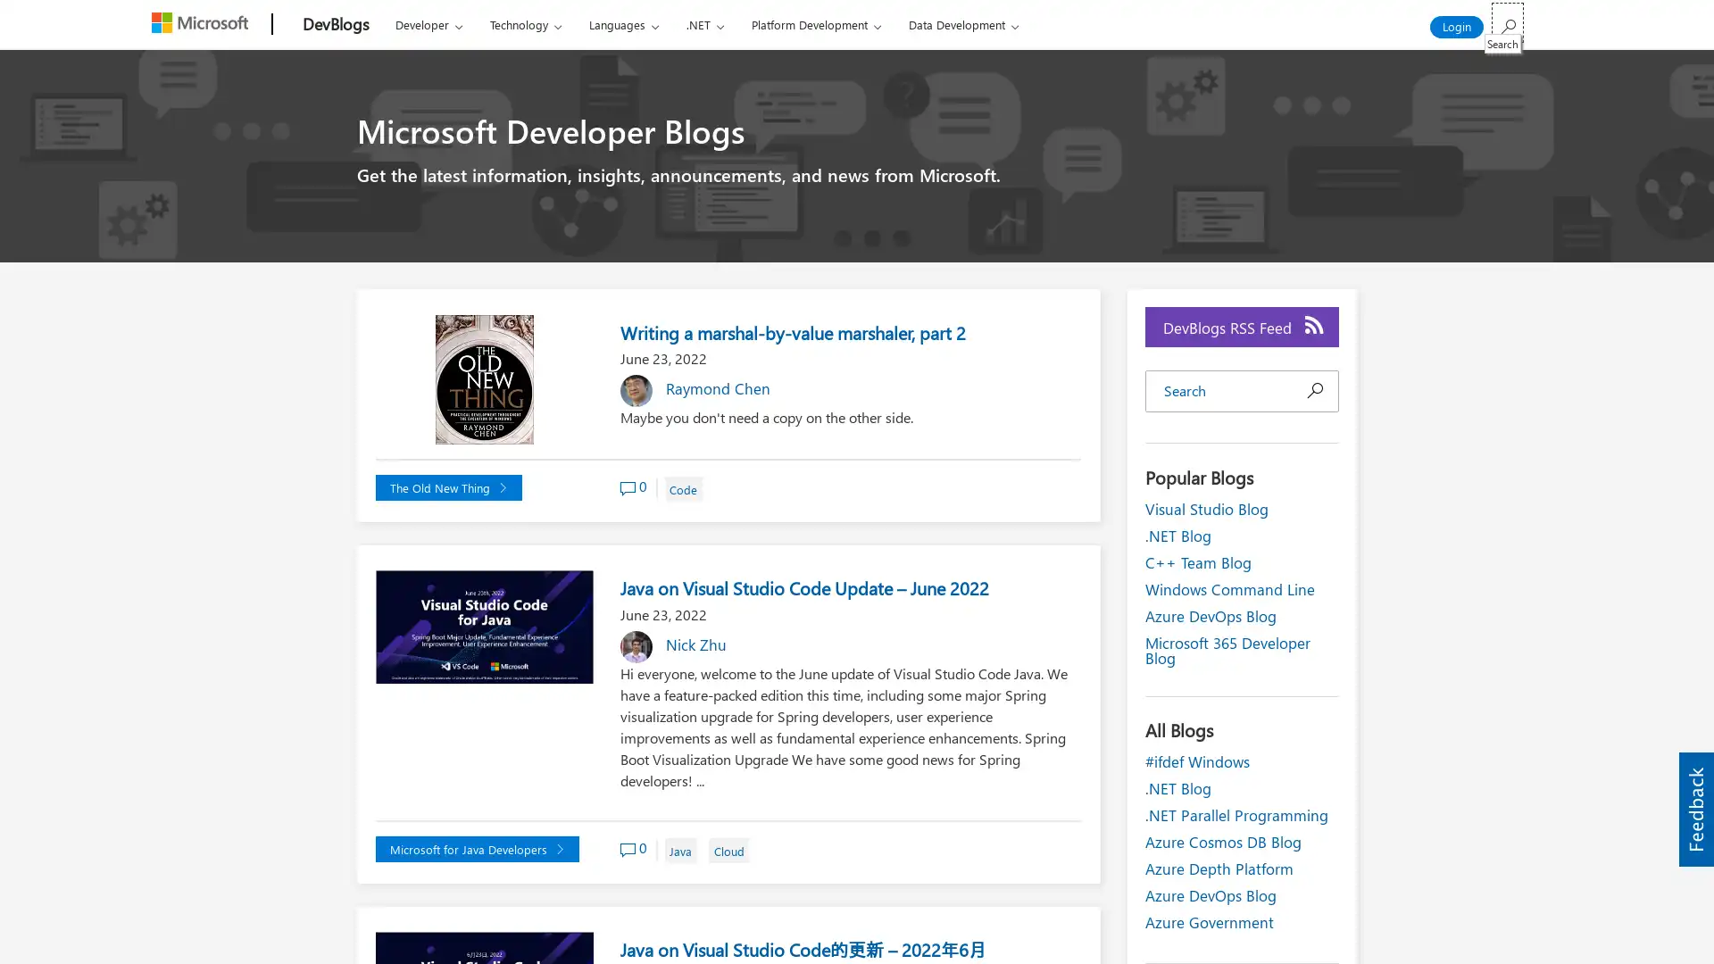  Describe the element at coordinates (703, 24) in the screenshot. I see `.NET` at that location.